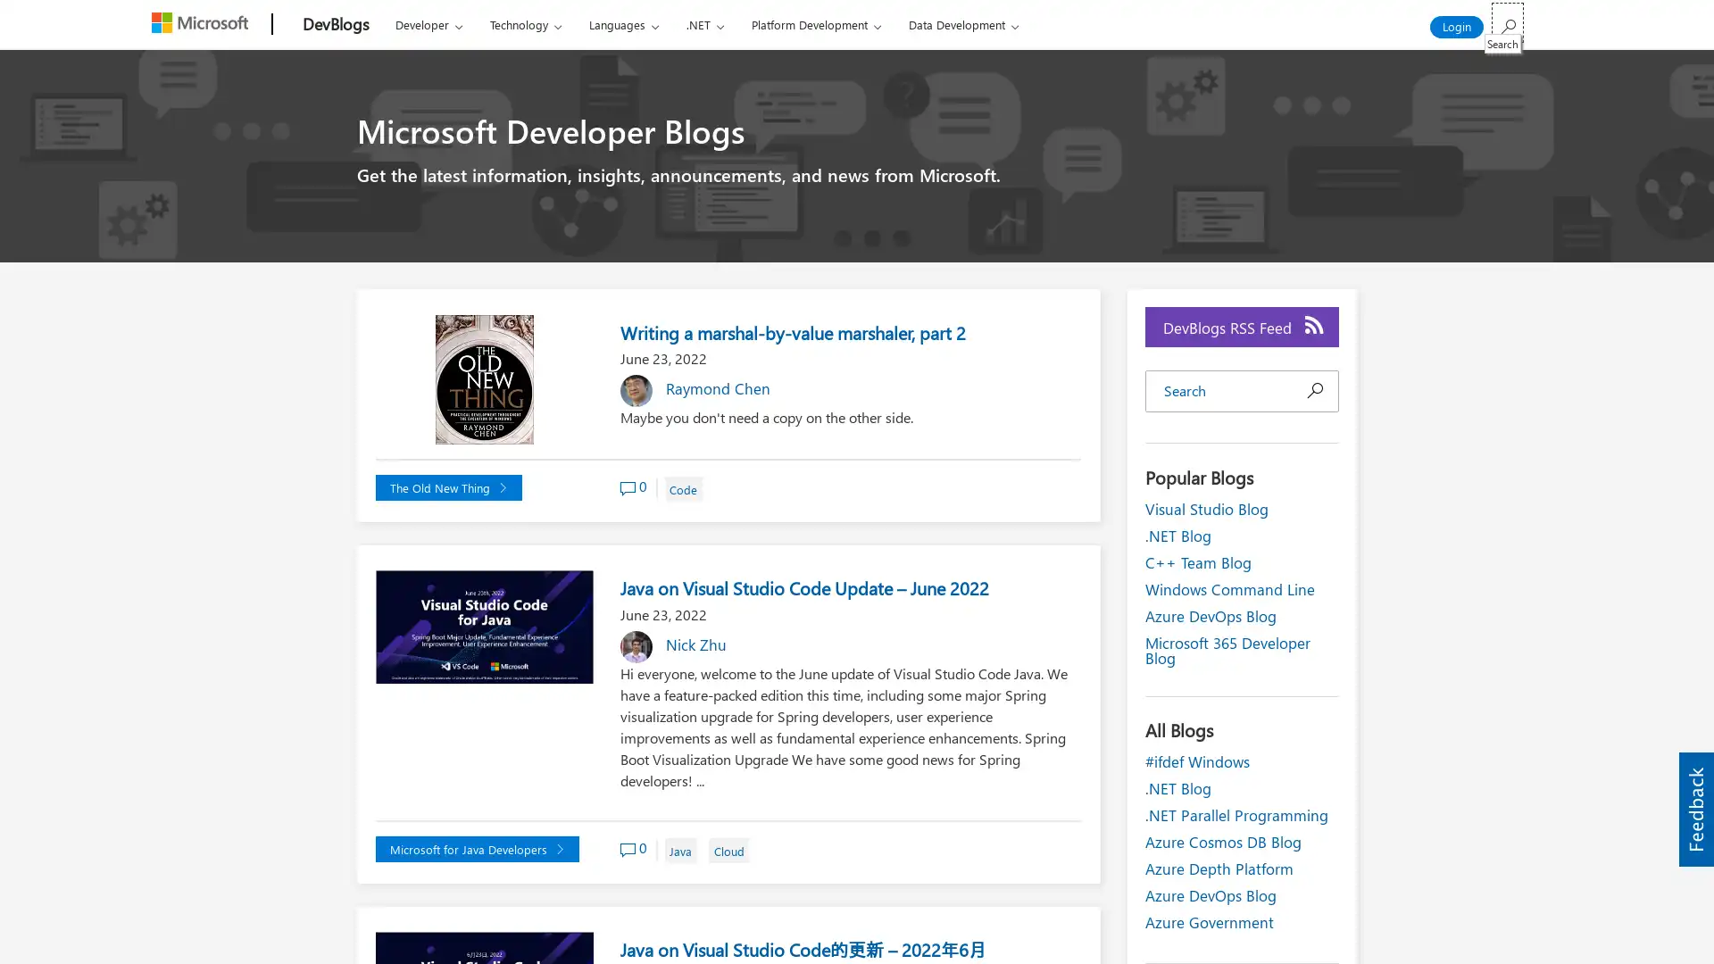  Describe the element at coordinates (703, 24) in the screenshot. I see `.NET` at that location.